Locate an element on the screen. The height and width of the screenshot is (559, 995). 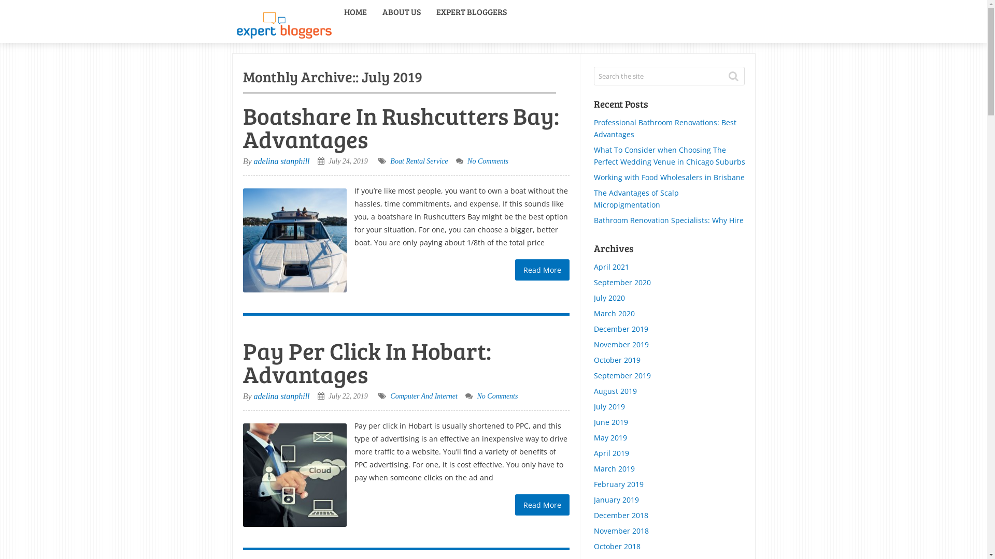
'Computer And Internet' is located at coordinates (390, 396).